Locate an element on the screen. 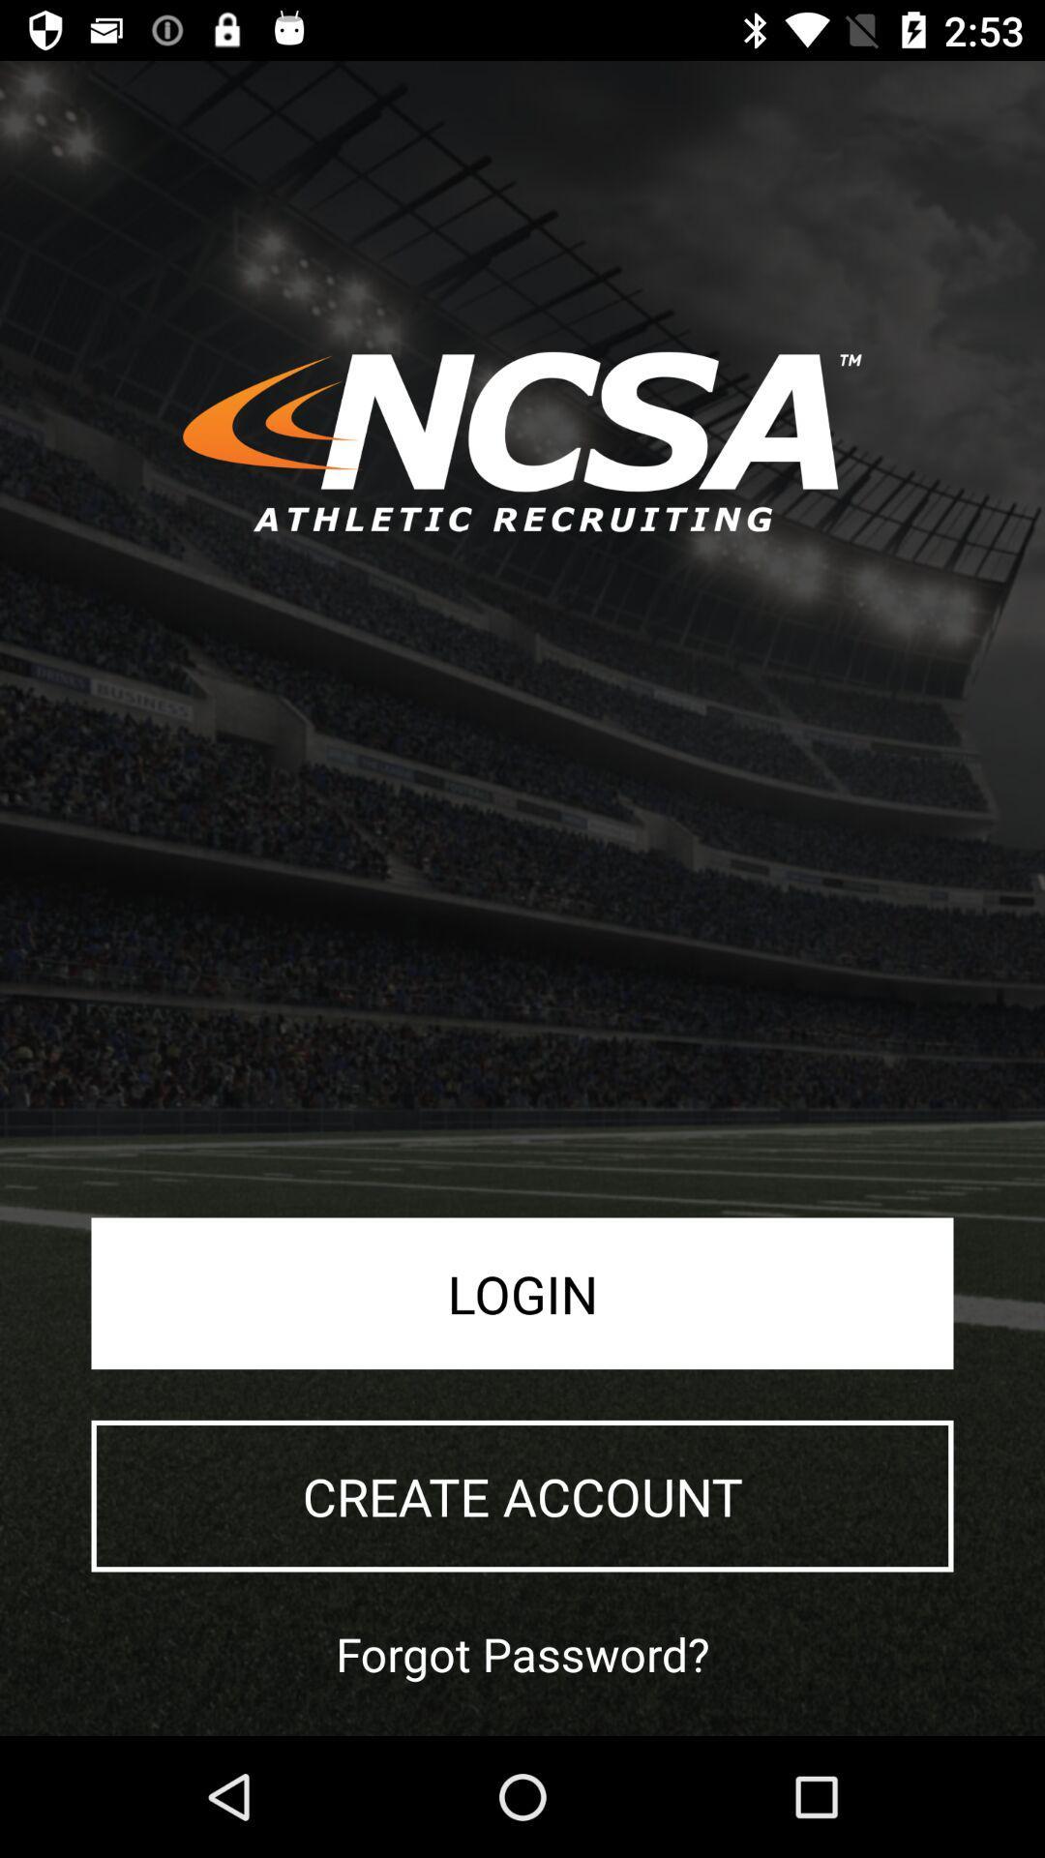 The image size is (1045, 1858). the forgot password? icon is located at coordinates (522, 1653).